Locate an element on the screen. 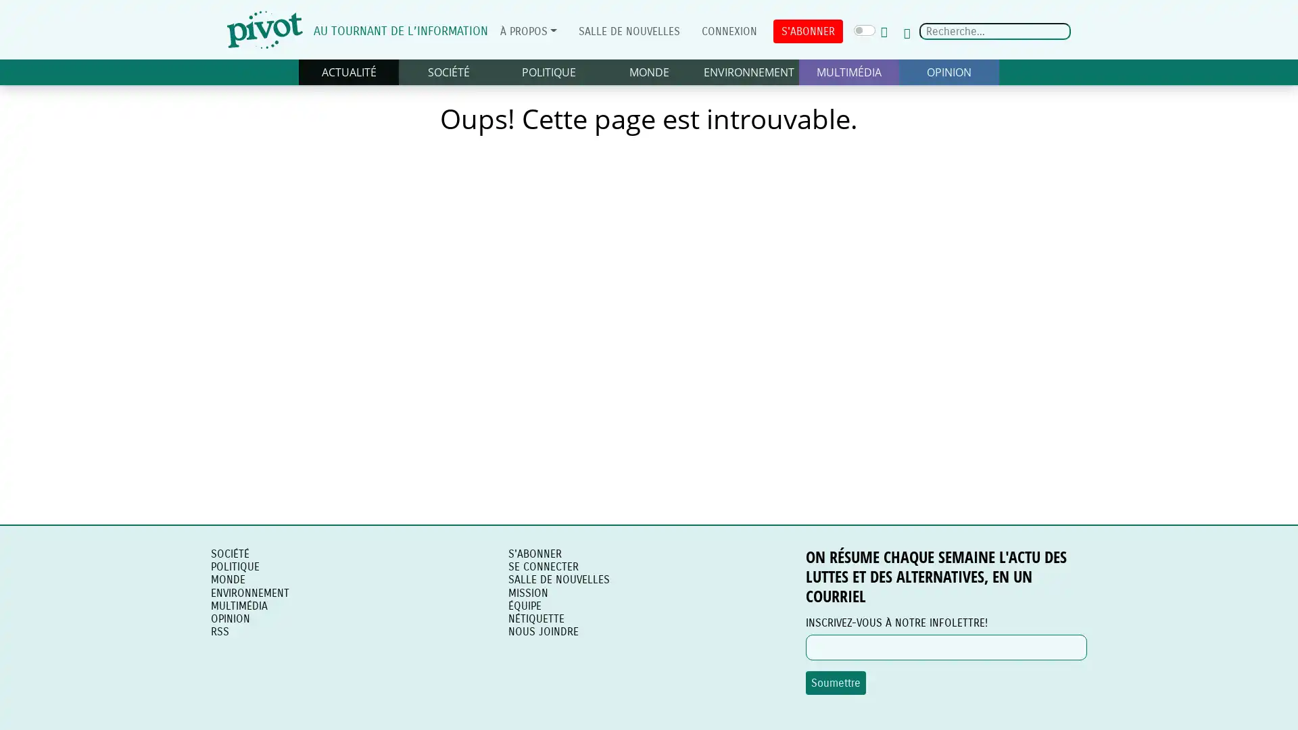  Soumettre is located at coordinates (835, 683).